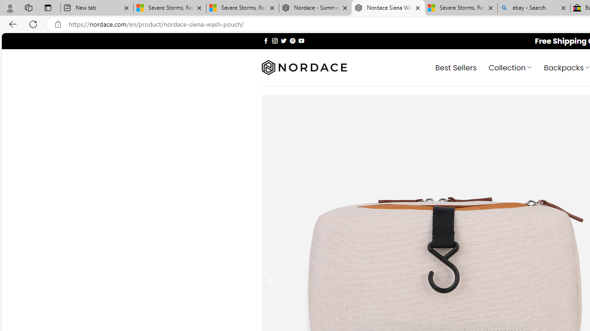  I want to click on 'View site information', so click(58, 24).